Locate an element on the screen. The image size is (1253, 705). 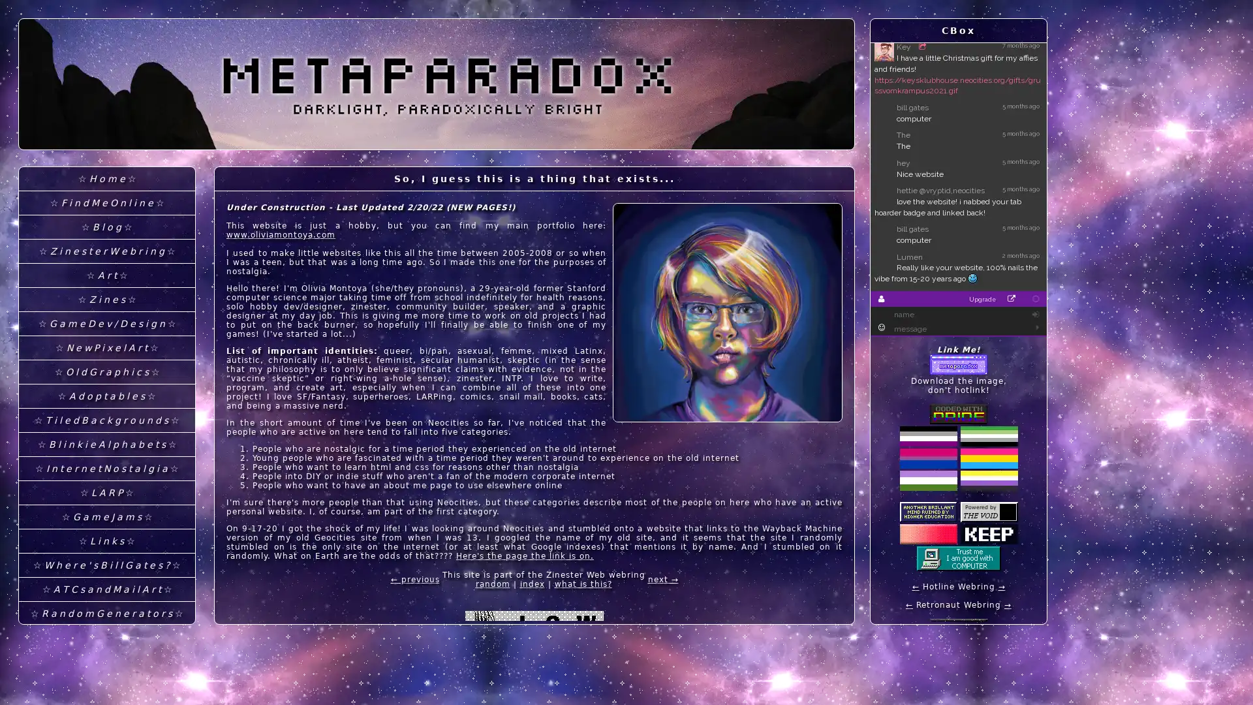
N e w P i x e l A r t is located at coordinates (106, 347).